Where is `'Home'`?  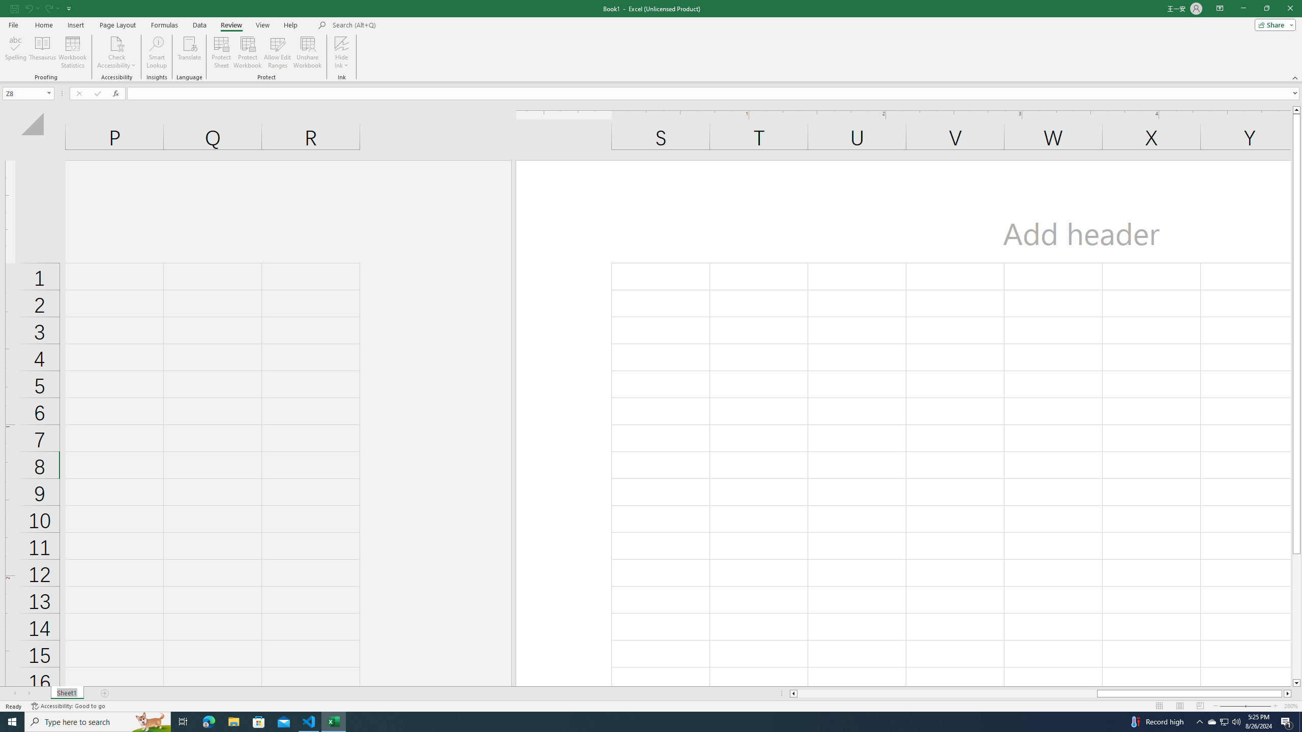
'Home' is located at coordinates (43, 25).